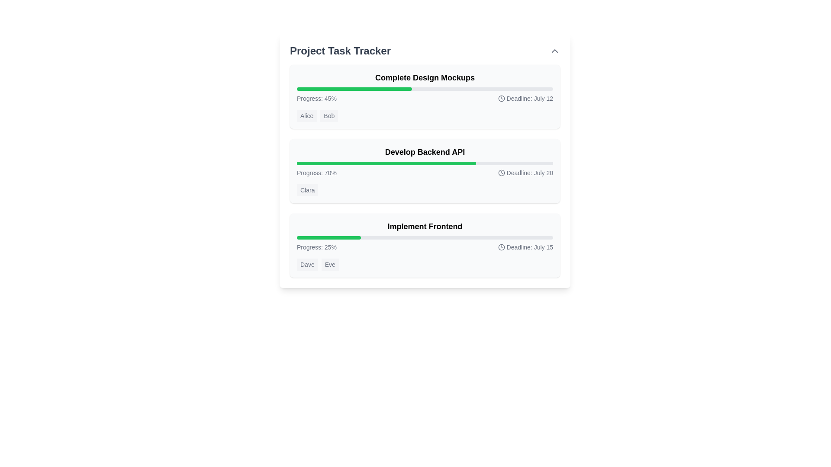  I want to click on the assigned user 'Clara' in the informational section for the task 'Develop Backend API', which is the second task block in the 'Project Task Tracker' section, so click(425, 171).